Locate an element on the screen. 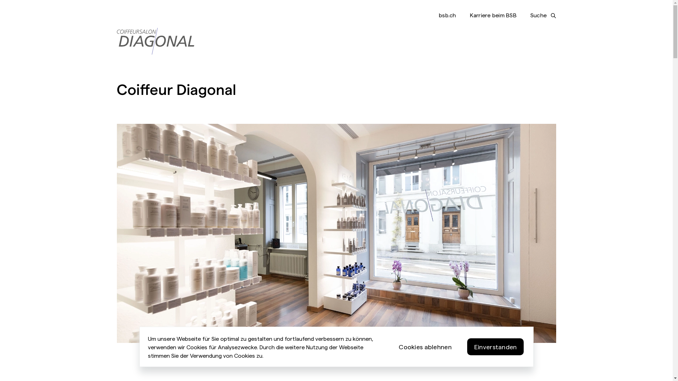  'bsb.ch' is located at coordinates (447, 15).